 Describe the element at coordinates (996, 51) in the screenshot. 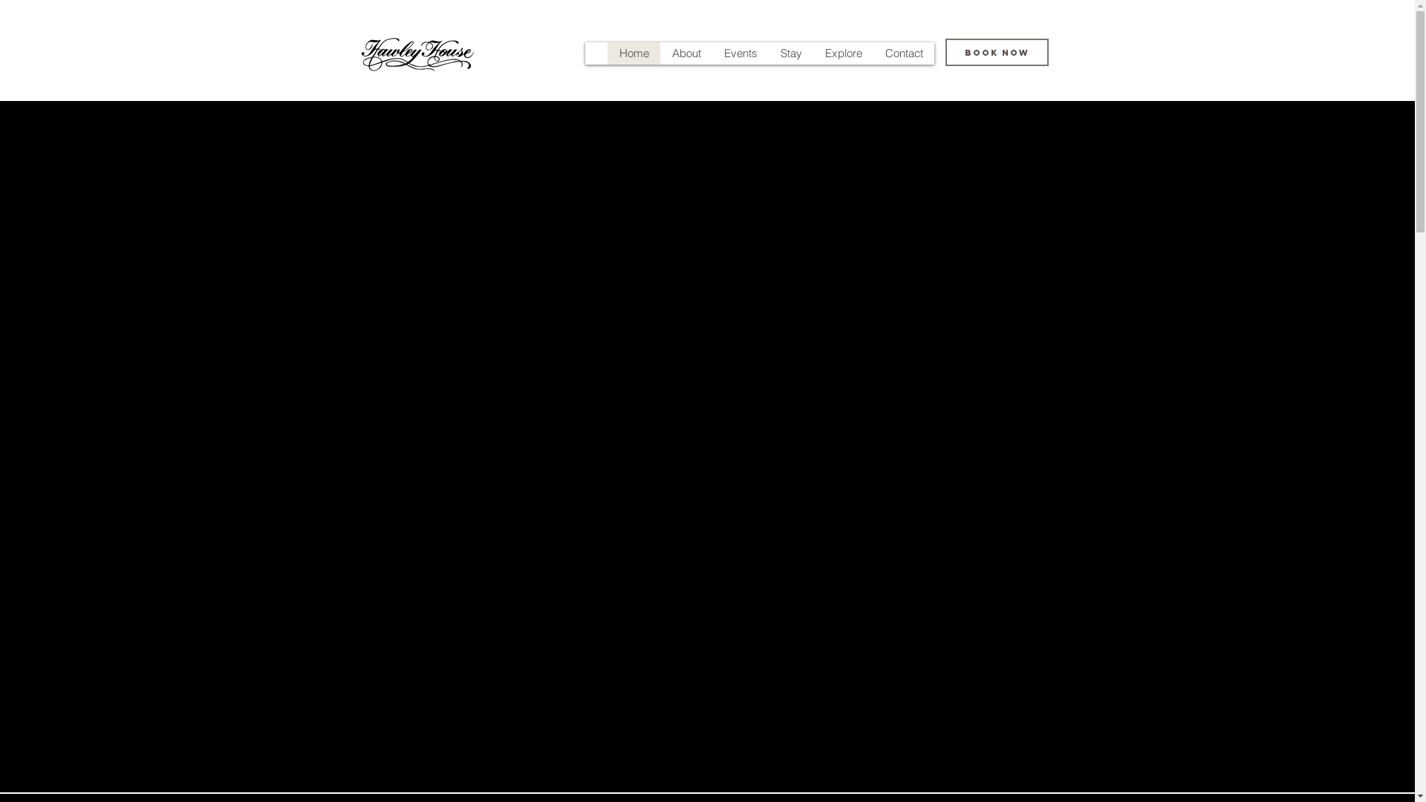

I see `'BOOK NOW'` at that location.